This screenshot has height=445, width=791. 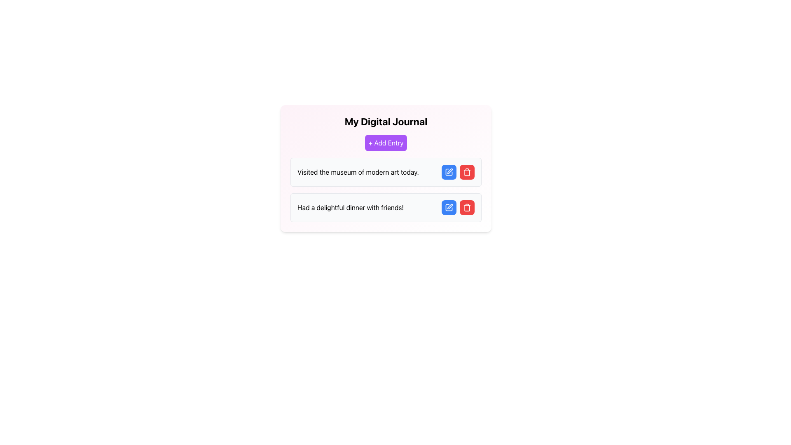 What do you see at coordinates (351, 207) in the screenshot?
I see `the text line reading 'Had a delightful dinner with friends!' in the second journal entry to copy it` at bounding box center [351, 207].